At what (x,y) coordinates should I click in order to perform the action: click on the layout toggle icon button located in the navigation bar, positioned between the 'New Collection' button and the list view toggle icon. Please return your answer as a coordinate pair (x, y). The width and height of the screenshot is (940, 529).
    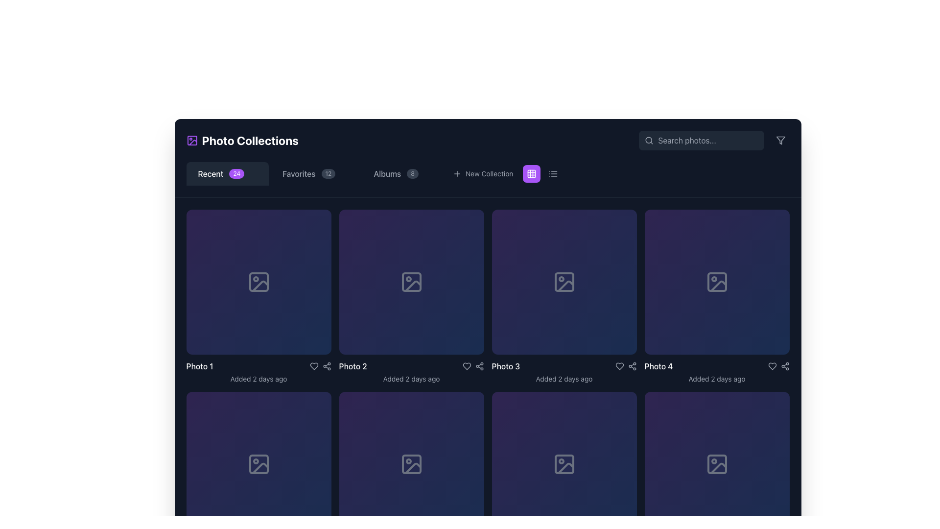
    Looking at the image, I should click on (531, 173).